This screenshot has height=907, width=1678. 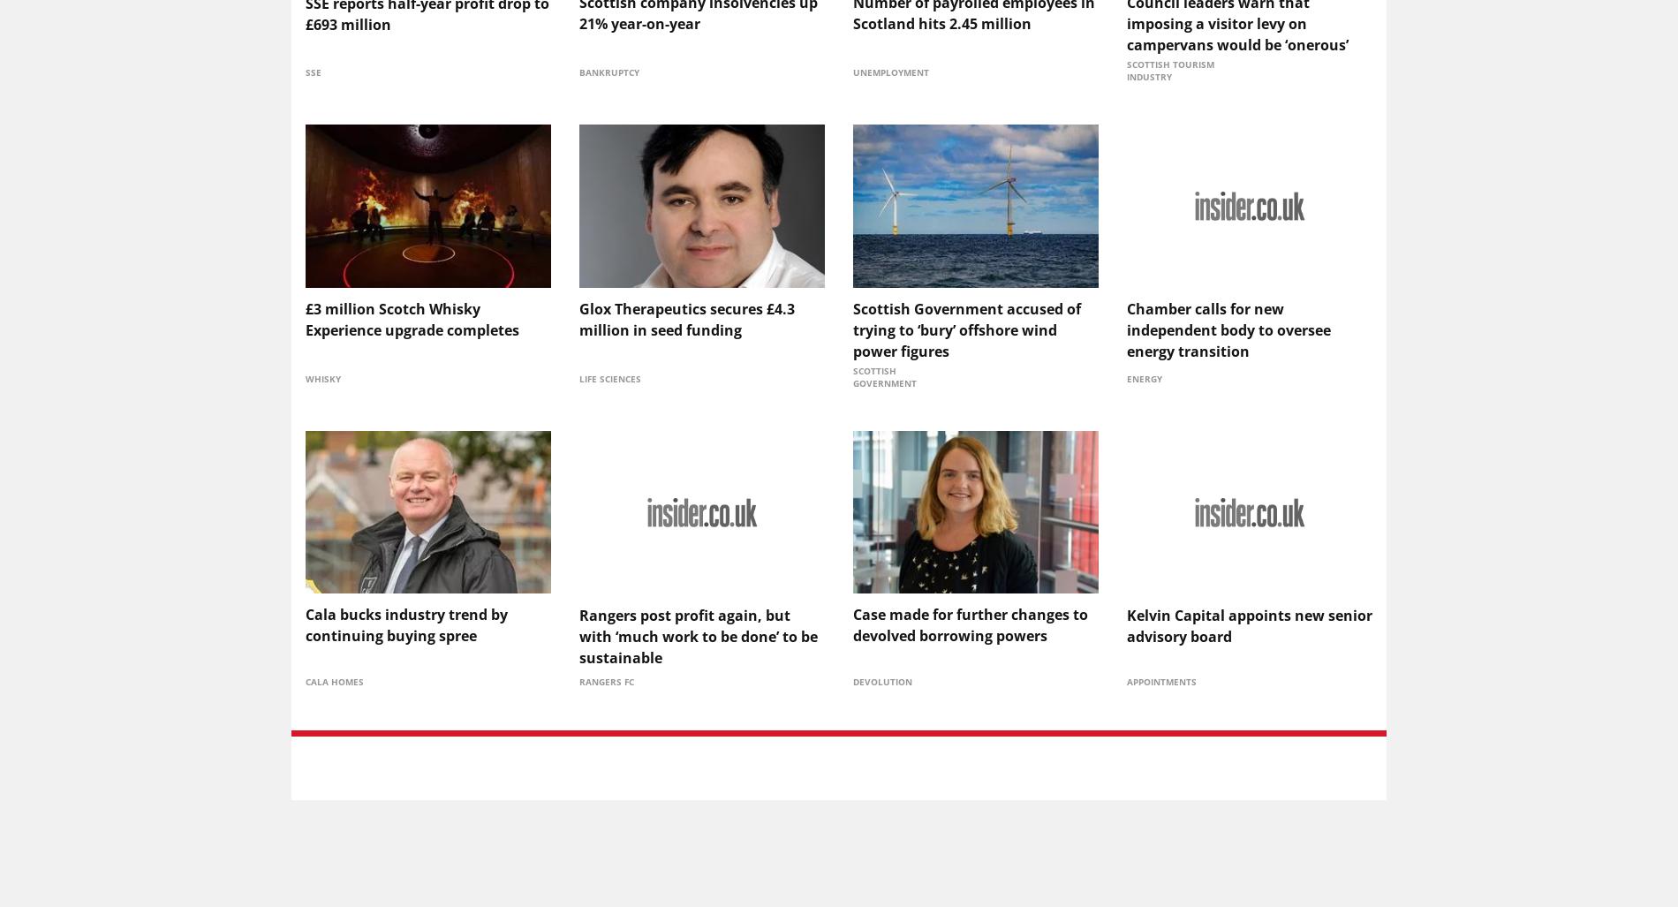 What do you see at coordinates (1143, 376) in the screenshot?
I see `'Energy'` at bounding box center [1143, 376].